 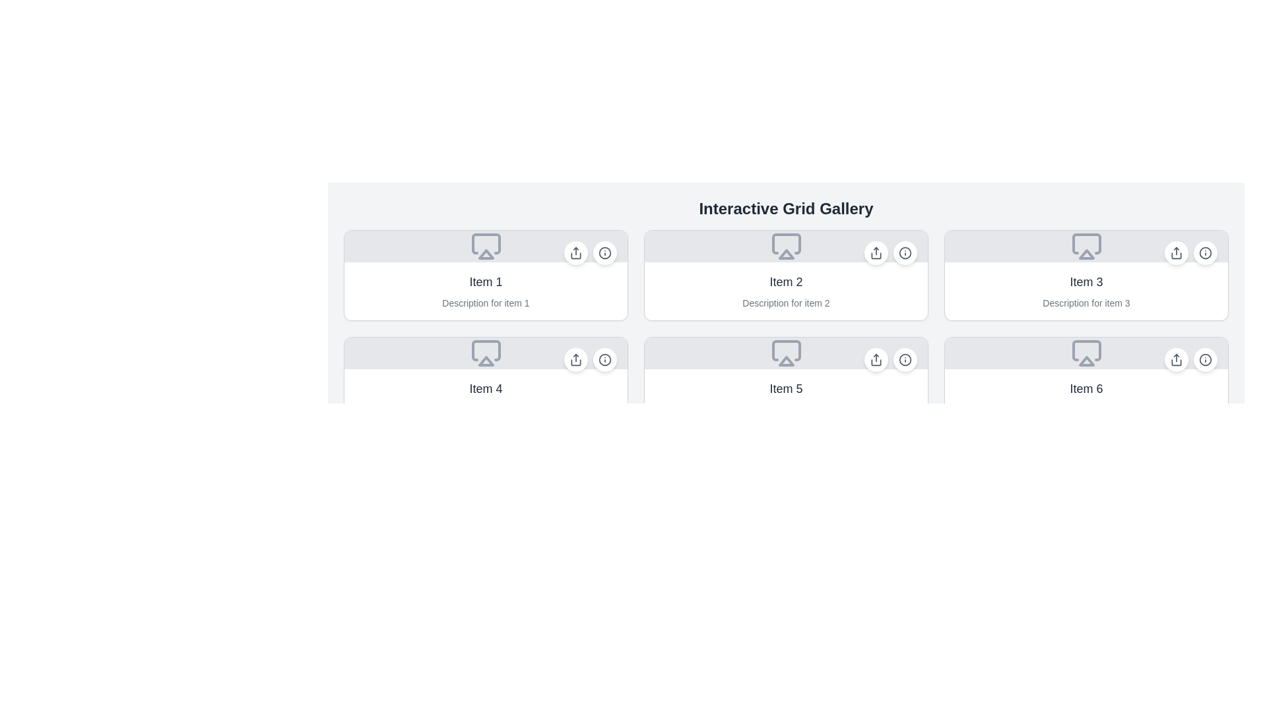 What do you see at coordinates (485, 409) in the screenshot?
I see `the Text Label displaying 'Description for item 4'` at bounding box center [485, 409].